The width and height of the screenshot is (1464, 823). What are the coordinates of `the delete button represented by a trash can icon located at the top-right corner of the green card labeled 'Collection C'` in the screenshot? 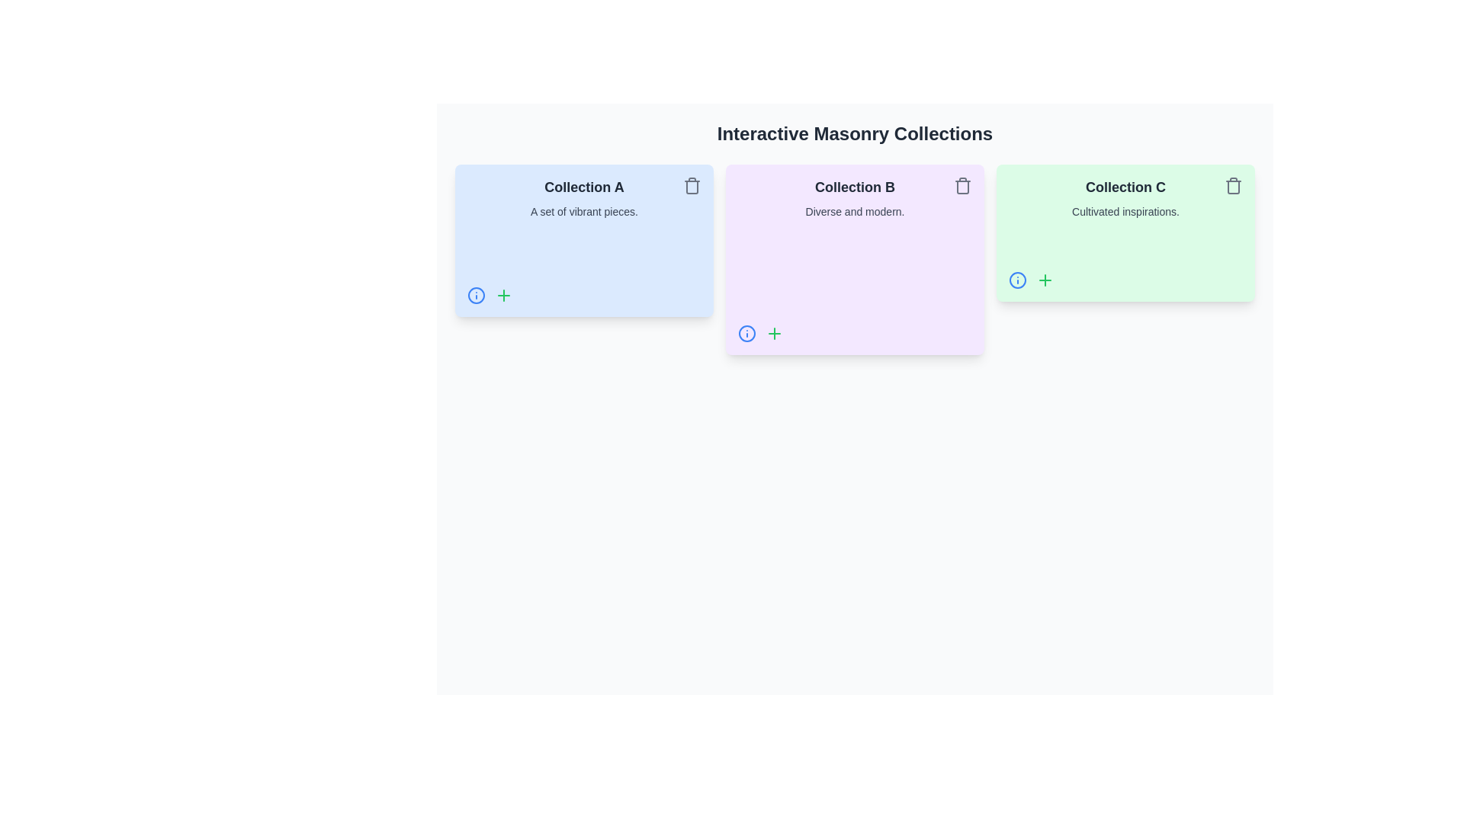 It's located at (1233, 187).